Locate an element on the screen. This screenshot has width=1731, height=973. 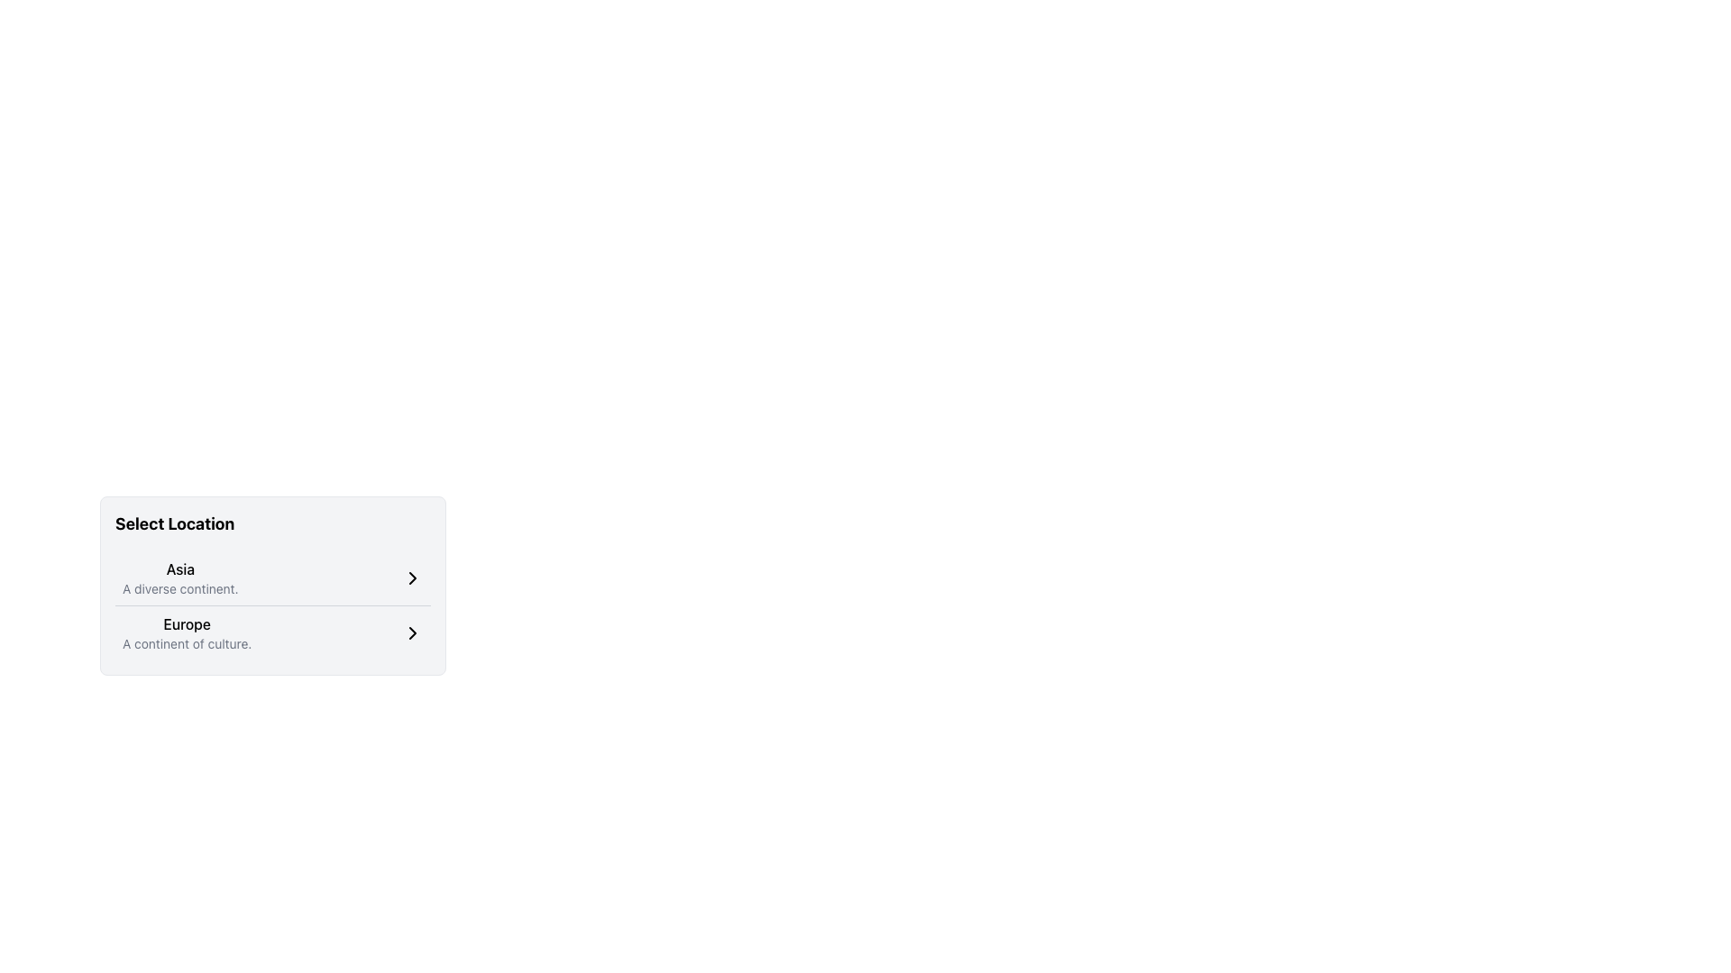
the text block titled 'Asia' which contains the description 'A diverse continent.' is located at coordinates (180, 577).